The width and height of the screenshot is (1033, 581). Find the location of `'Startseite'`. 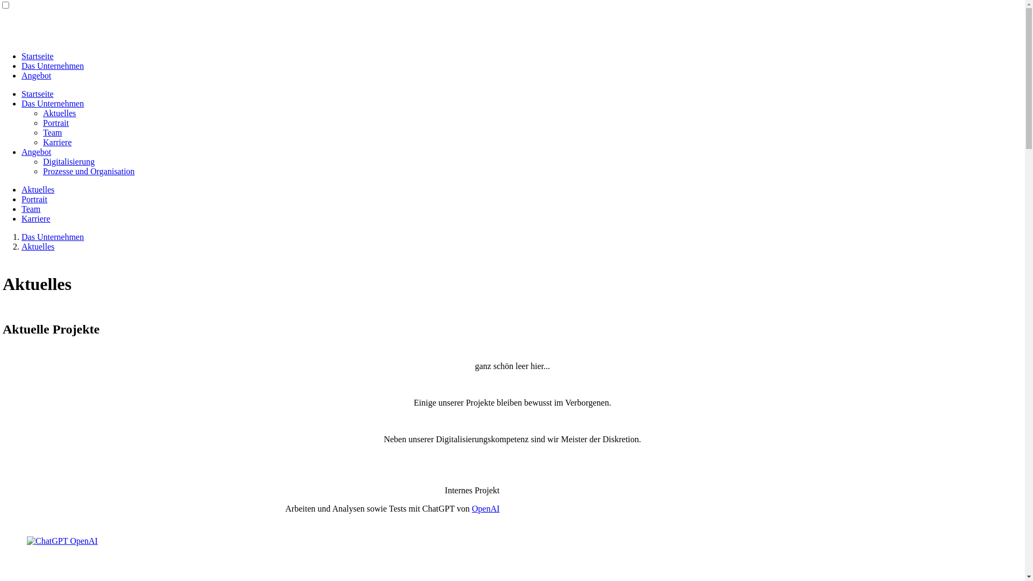

'Startseite' is located at coordinates (38, 93).